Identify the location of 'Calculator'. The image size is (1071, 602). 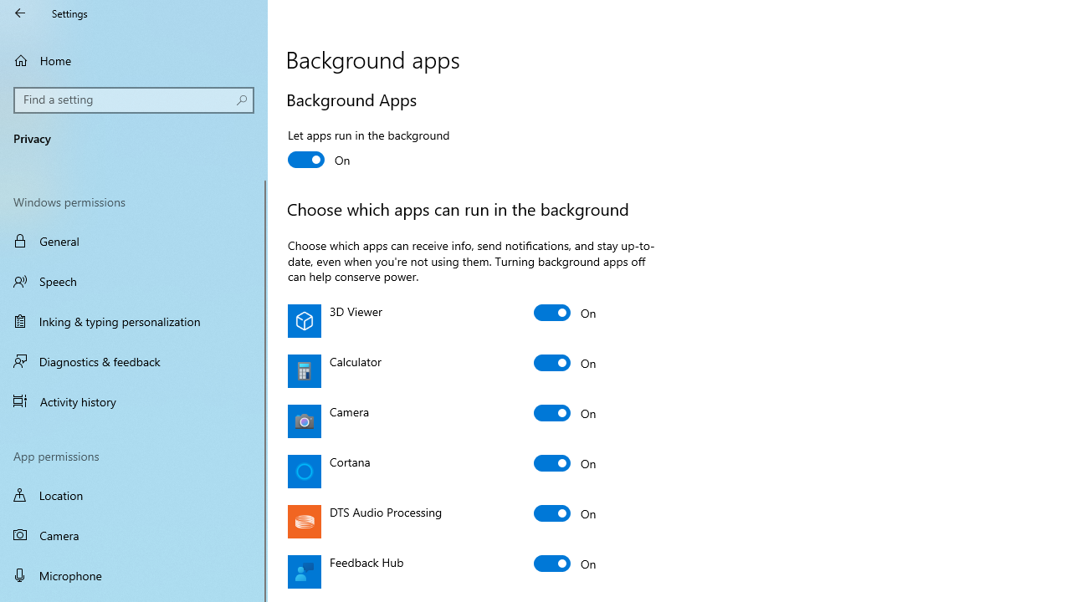
(565, 362).